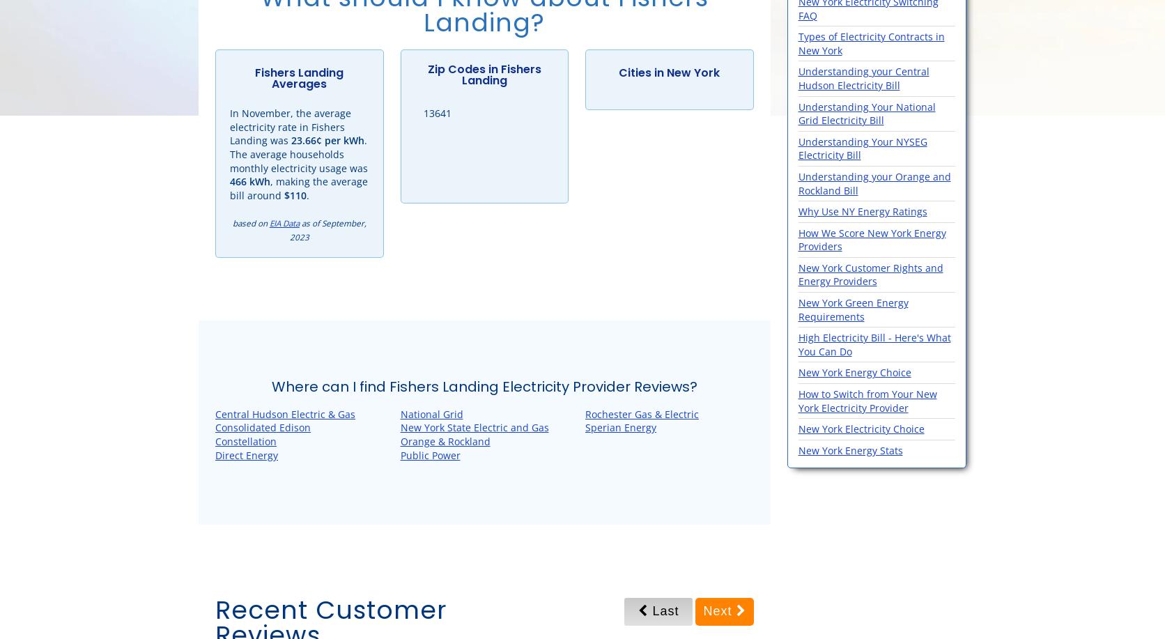 The height and width of the screenshot is (639, 1165). Describe the element at coordinates (245, 440) in the screenshot. I see `'Constellation'` at that location.